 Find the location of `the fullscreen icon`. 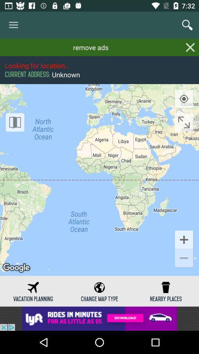

the fullscreen icon is located at coordinates (184, 122).